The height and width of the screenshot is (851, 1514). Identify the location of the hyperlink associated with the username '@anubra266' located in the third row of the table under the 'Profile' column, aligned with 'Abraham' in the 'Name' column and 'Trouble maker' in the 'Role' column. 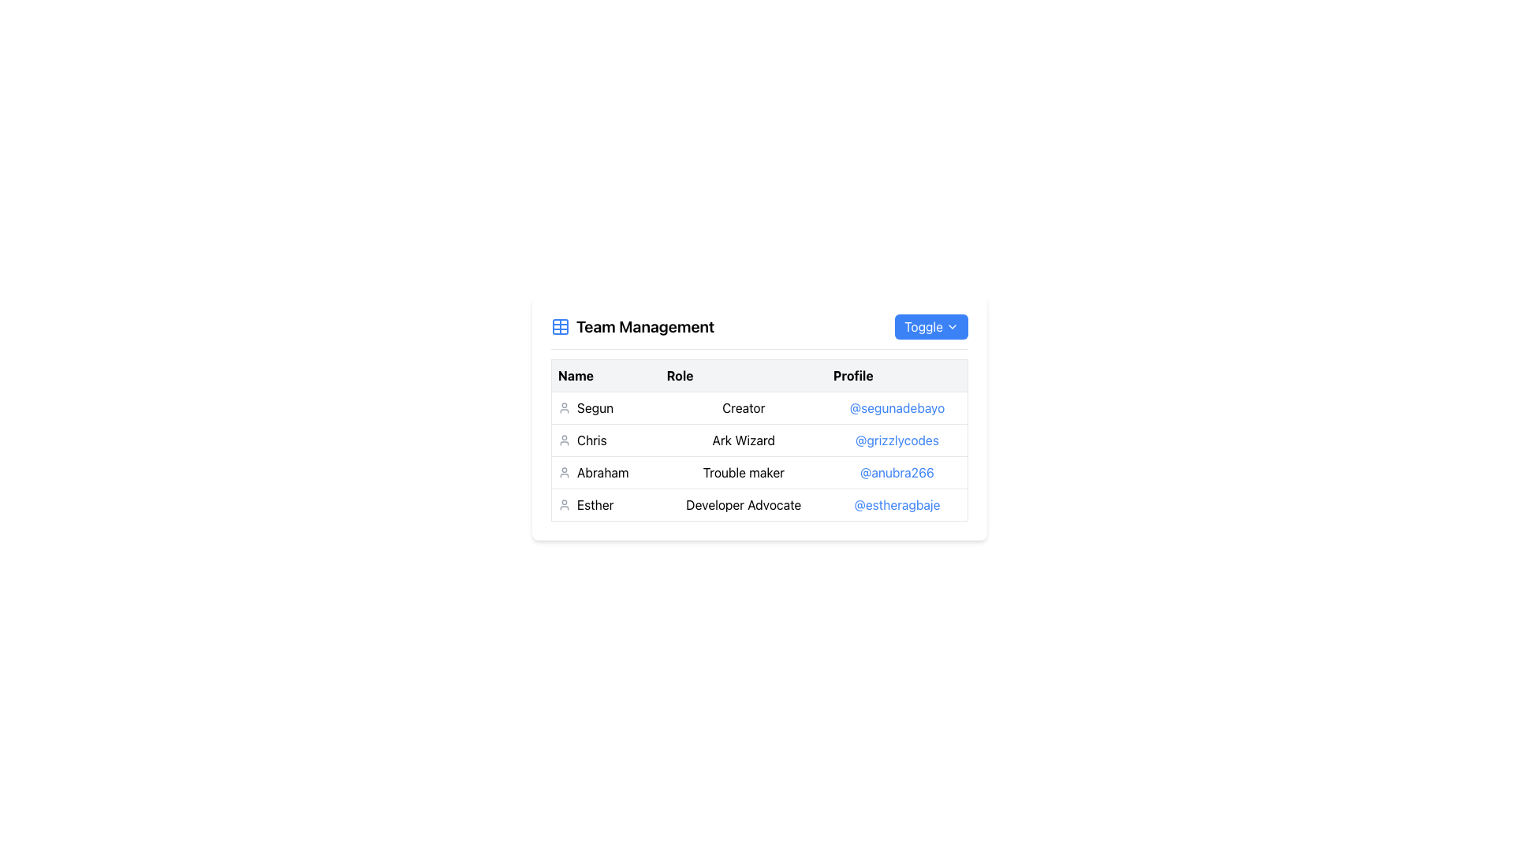
(897, 472).